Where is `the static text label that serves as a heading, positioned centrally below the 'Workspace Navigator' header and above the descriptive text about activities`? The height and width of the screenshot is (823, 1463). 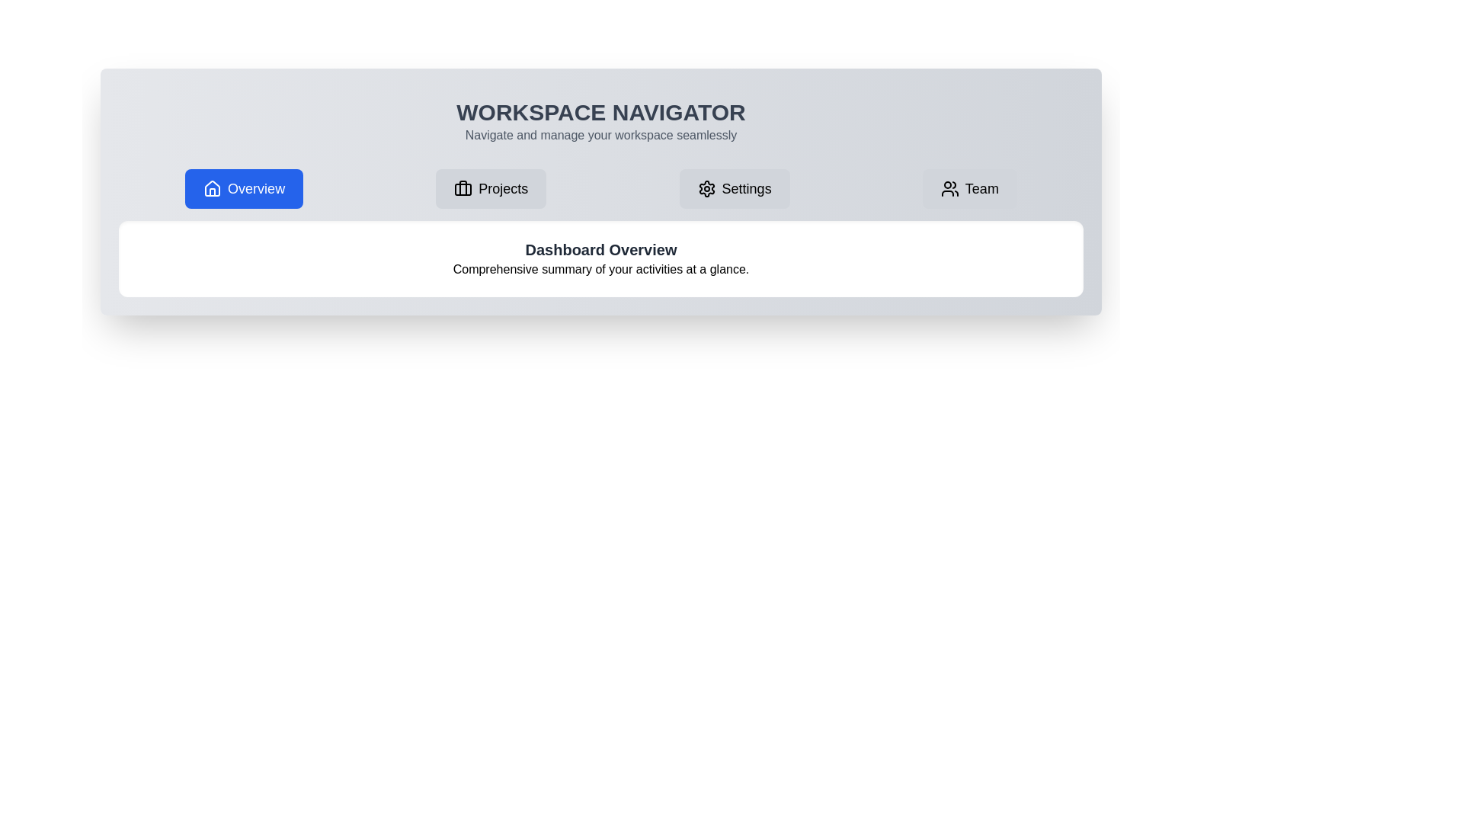 the static text label that serves as a heading, positioned centrally below the 'Workspace Navigator' header and above the descriptive text about activities is located at coordinates (600, 248).